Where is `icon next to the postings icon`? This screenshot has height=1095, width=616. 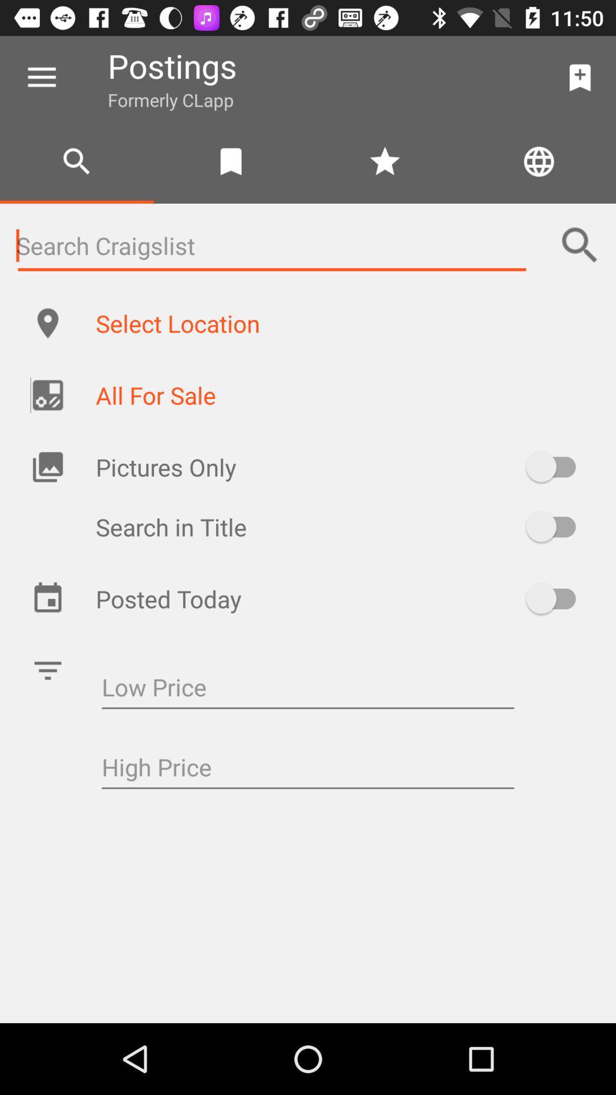 icon next to the postings icon is located at coordinates (580, 77).